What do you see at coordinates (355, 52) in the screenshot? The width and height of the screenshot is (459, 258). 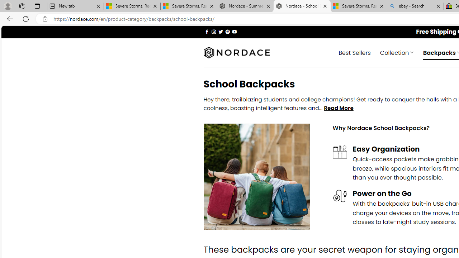 I see `'  Best Sellers'` at bounding box center [355, 52].